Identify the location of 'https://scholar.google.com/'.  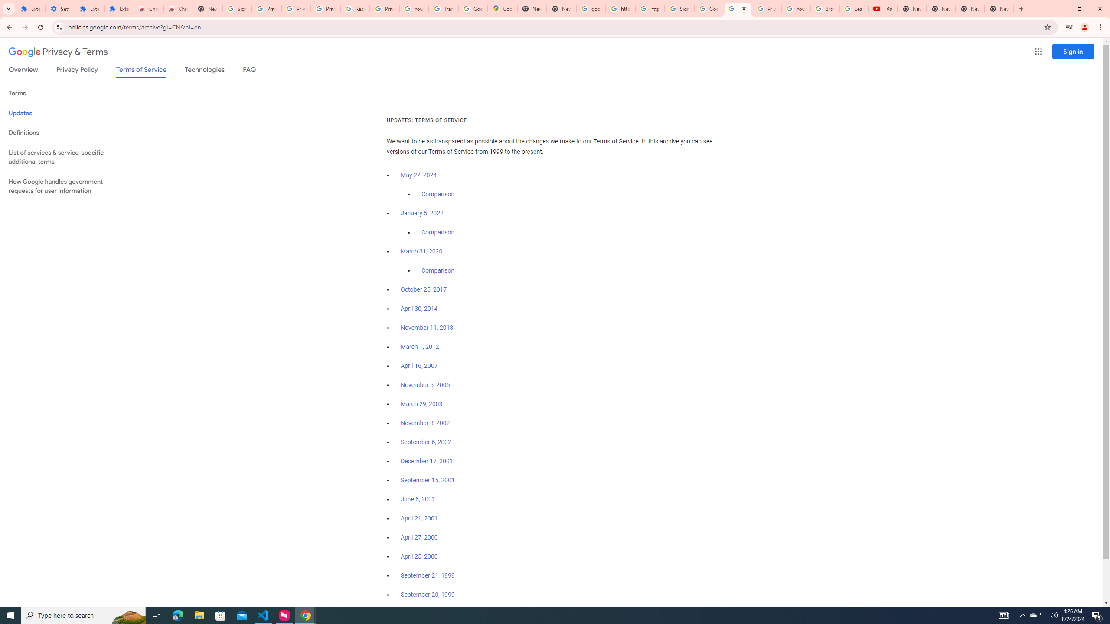
(620, 8).